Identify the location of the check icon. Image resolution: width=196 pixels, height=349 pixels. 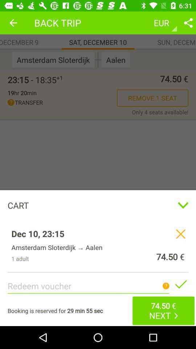
(180, 284).